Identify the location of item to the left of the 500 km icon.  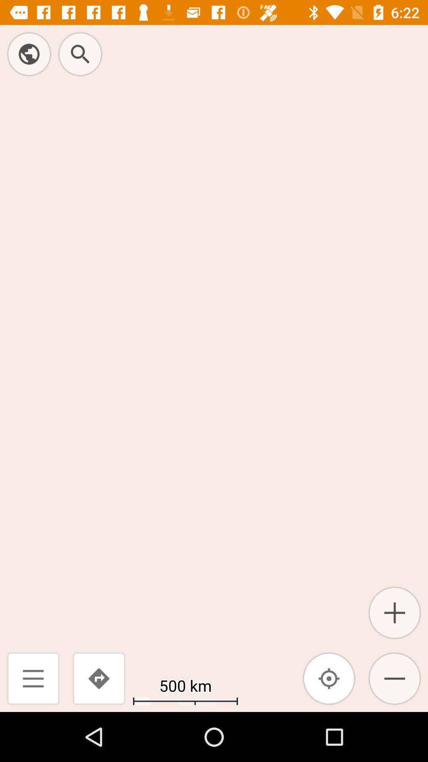
(98, 678).